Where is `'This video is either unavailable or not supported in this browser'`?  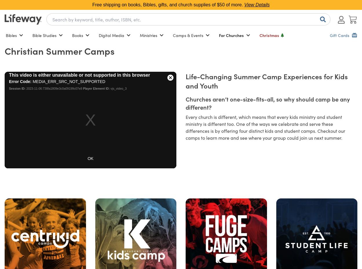 'This video is either unavailable or not supported in this browser' is located at coordinates (79, 75).